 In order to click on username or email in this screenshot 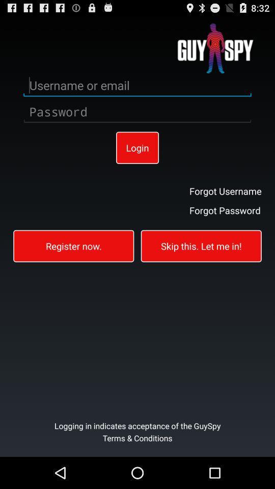, I will do `click(137, 85)`.